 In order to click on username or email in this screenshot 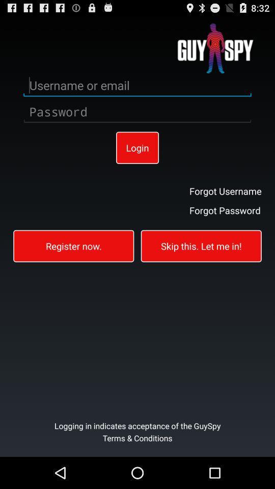, I will do `click(137, 85)`.